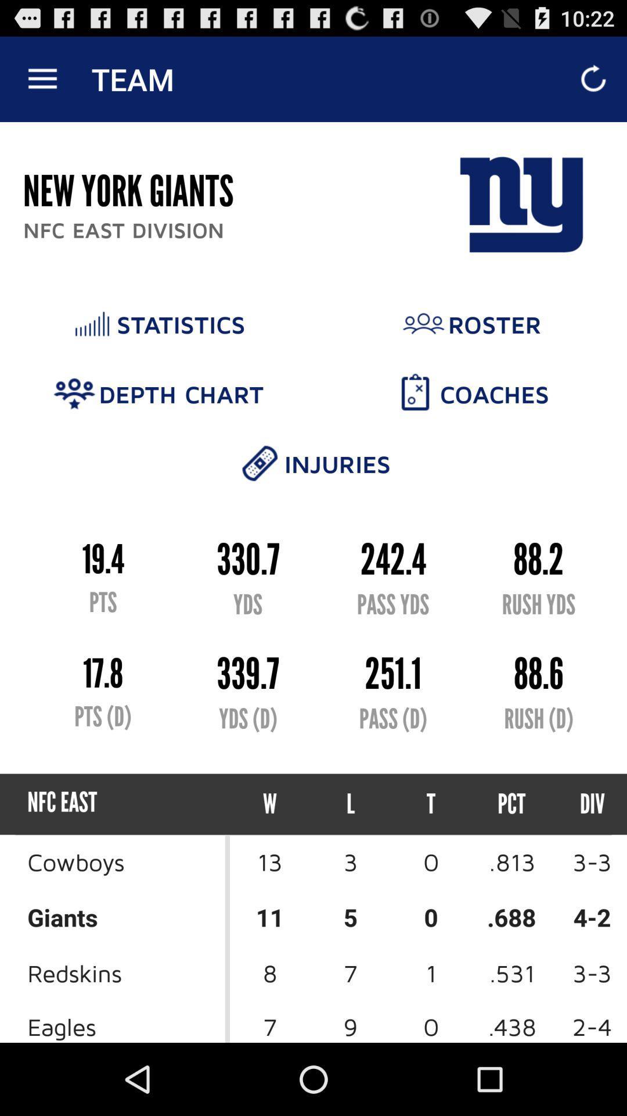  Describe the element at coordinates (350, 803) in the screenshot. I see `l icon` at that location.